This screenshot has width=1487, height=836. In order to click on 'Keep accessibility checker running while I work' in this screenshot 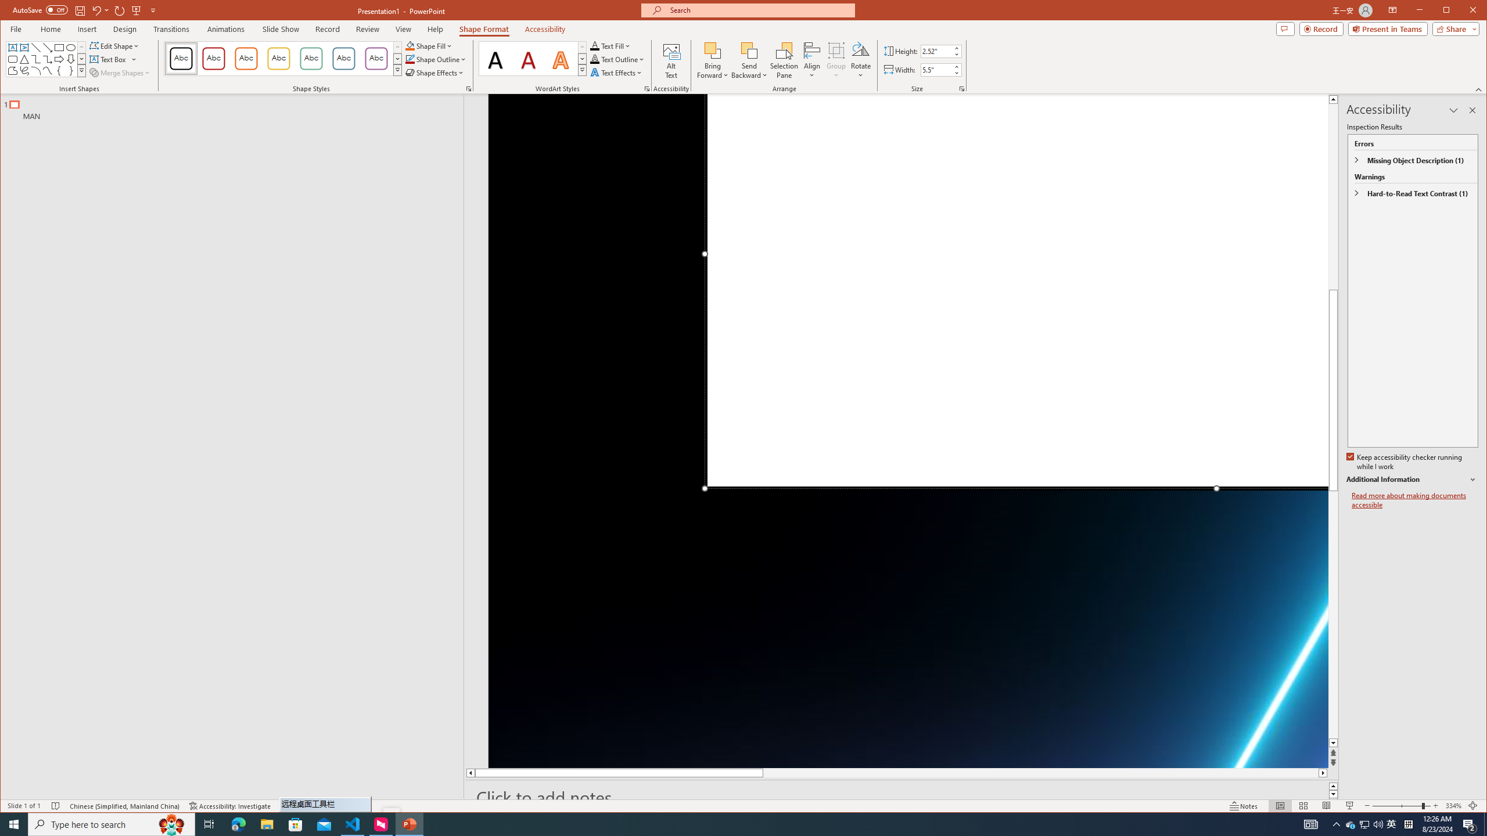, I will do `click(1405, 462)`.